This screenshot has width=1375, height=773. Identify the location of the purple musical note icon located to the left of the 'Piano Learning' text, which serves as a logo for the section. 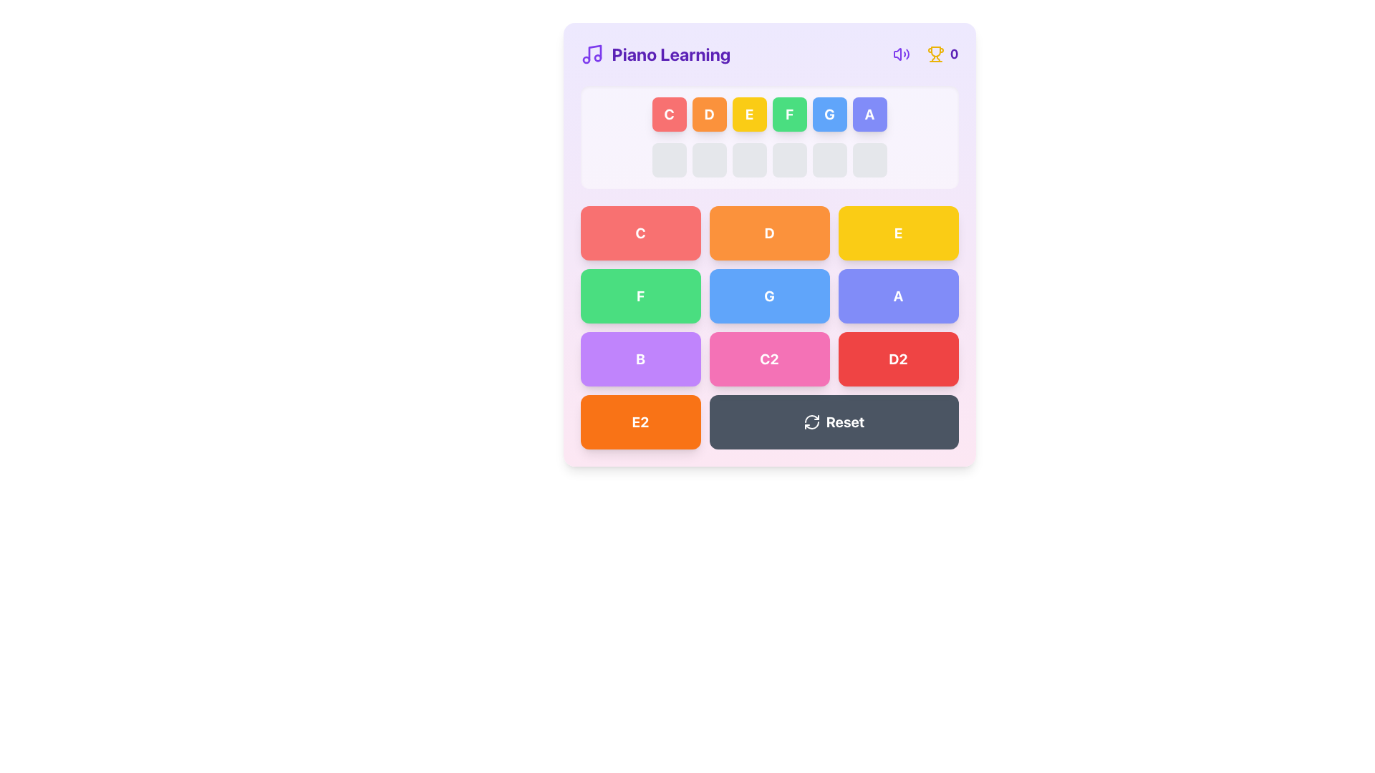
(592, 54).